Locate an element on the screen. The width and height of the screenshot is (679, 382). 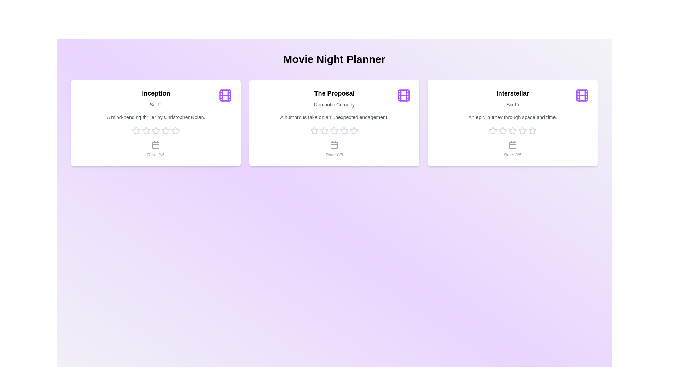
the calendar icon for the movie card The Proposal is located at coordinates (334, 144).